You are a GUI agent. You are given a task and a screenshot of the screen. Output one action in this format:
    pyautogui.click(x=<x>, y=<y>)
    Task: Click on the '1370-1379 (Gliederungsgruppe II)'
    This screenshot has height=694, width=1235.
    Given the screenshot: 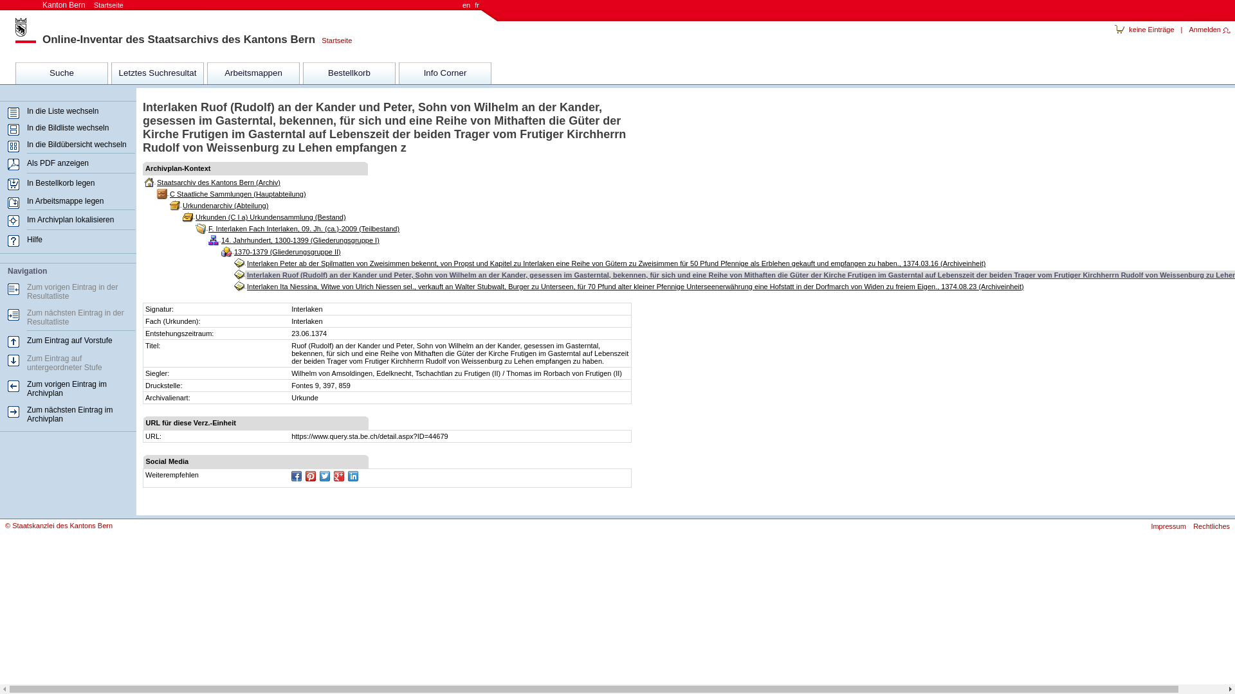 What is the action you would take?
    pyautogui.click(x=232, y=252)
    